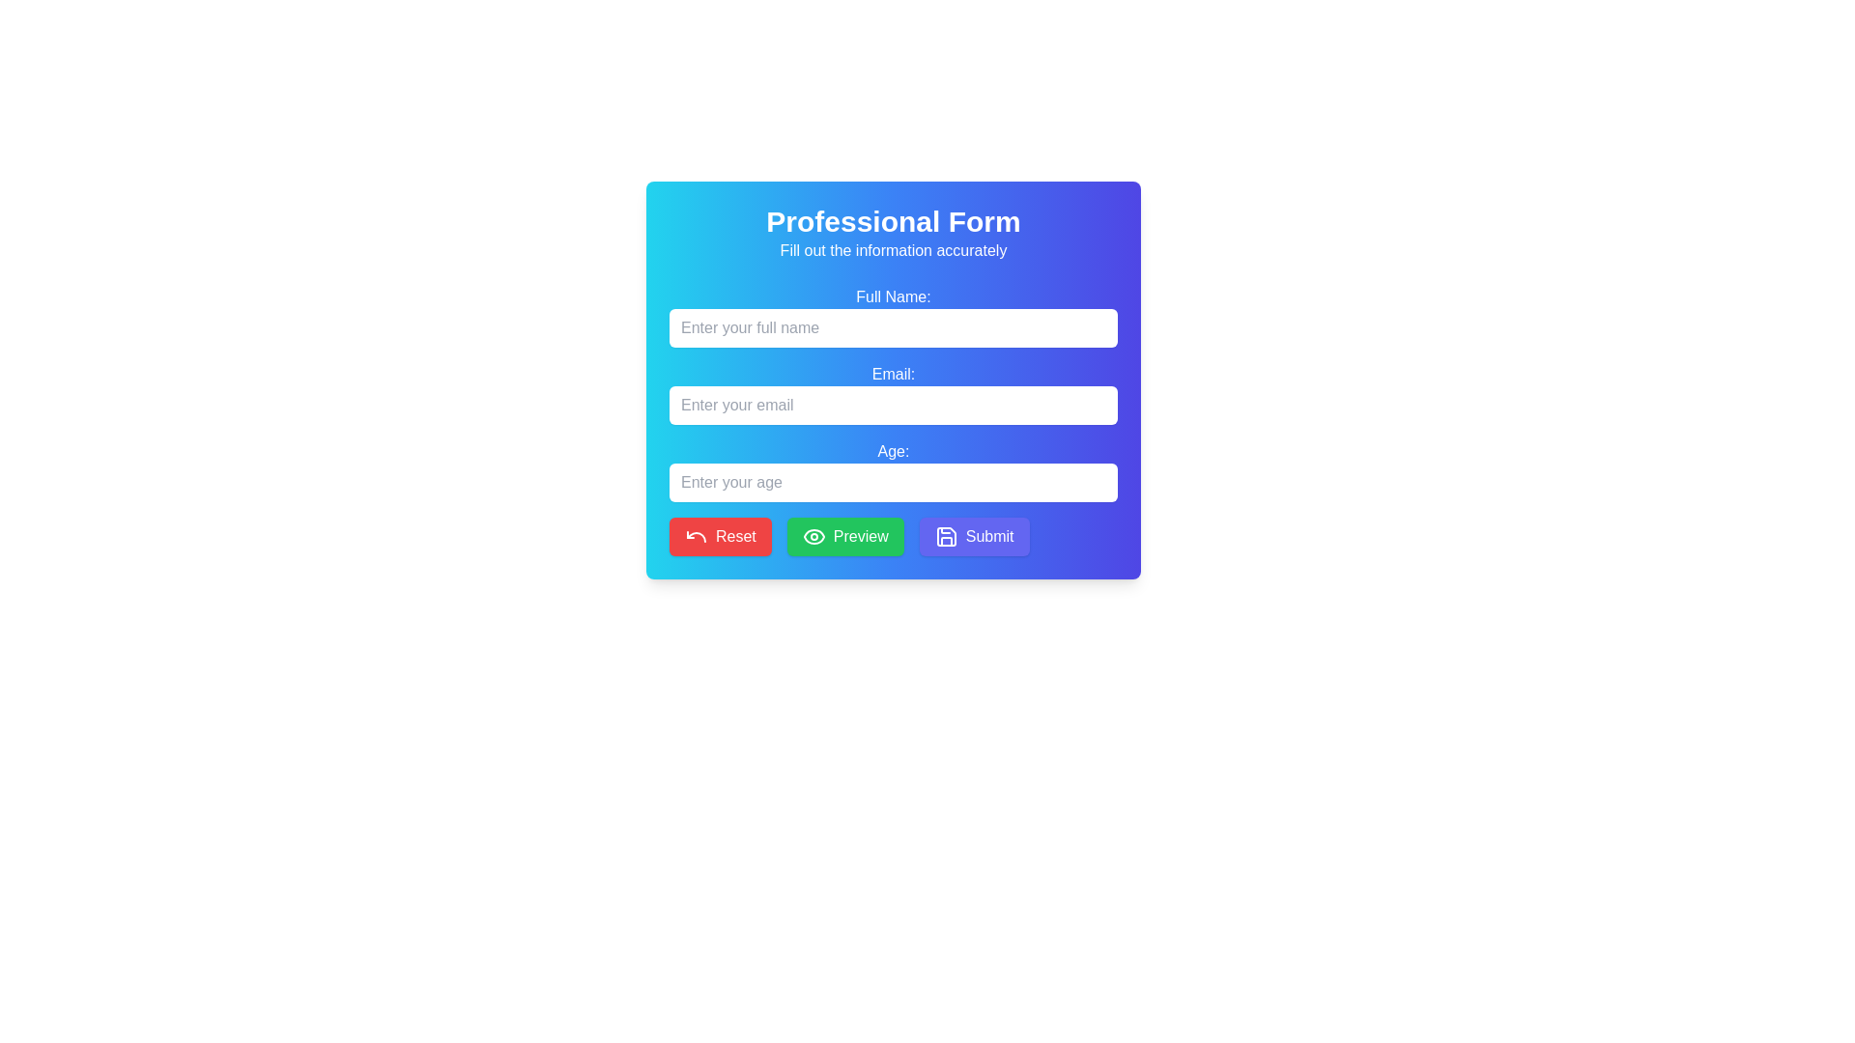 This screenshot has height=1043, width=1855. What do you see at coordinates (893, 536) in the screenshot?
I see `the preview button located between the 'Reset' button and the 'Submit' button at the bottom of the form` at bounding box center [893, 536].